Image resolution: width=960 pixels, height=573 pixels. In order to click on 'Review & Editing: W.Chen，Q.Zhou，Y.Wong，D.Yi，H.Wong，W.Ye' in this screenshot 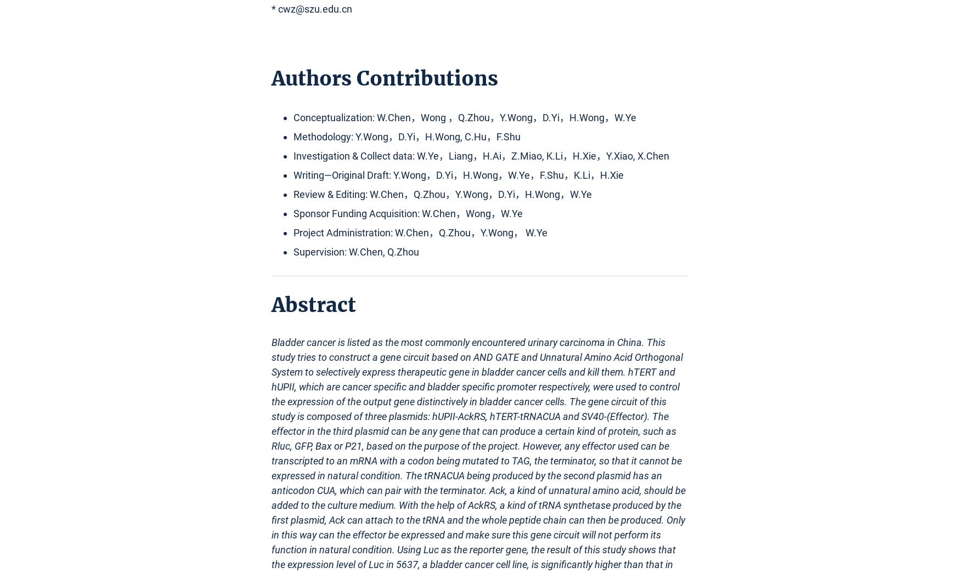, I will do `click(292, 194)`.